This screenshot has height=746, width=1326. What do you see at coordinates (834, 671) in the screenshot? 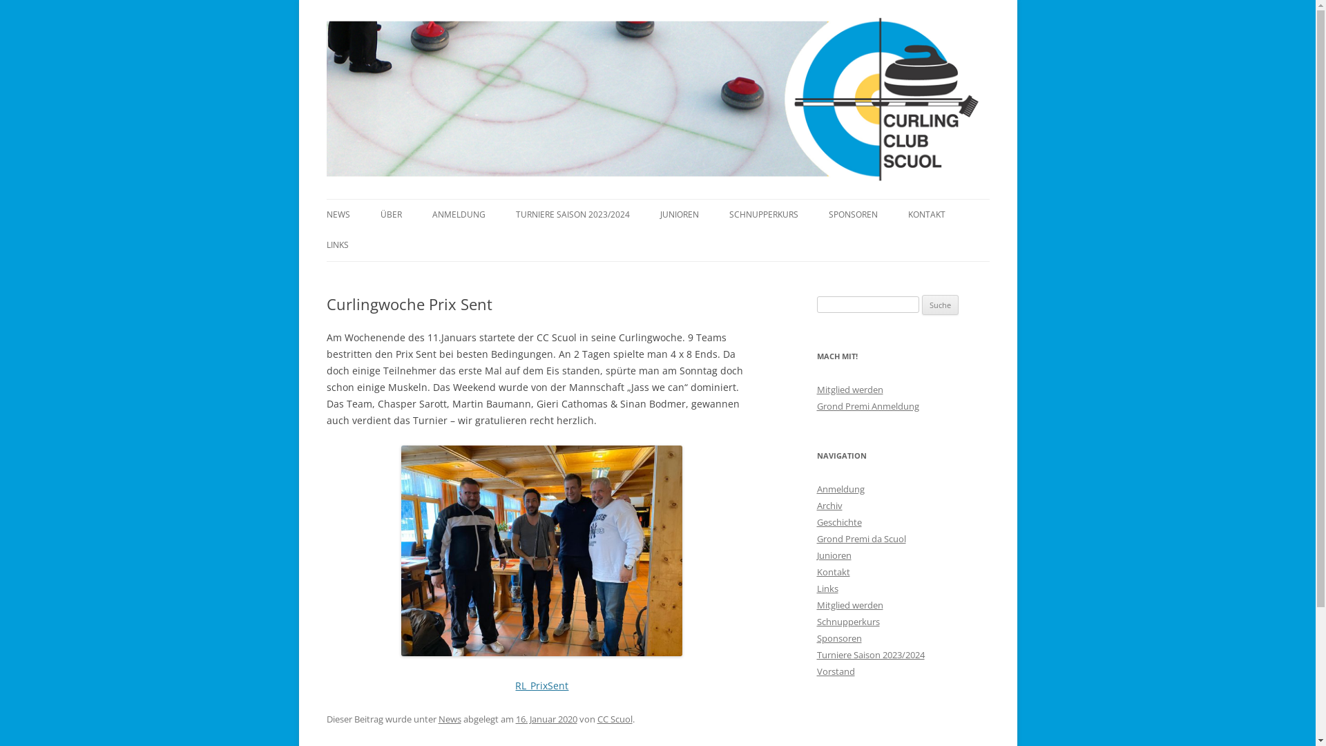
I see `'Vorstand'` at bounding box center [834, 671].